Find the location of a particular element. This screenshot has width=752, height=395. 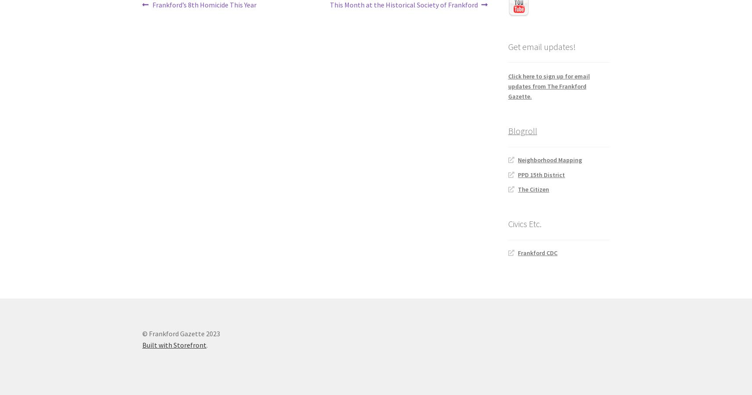

'The Citizen' is located at coordinates (533, 189).